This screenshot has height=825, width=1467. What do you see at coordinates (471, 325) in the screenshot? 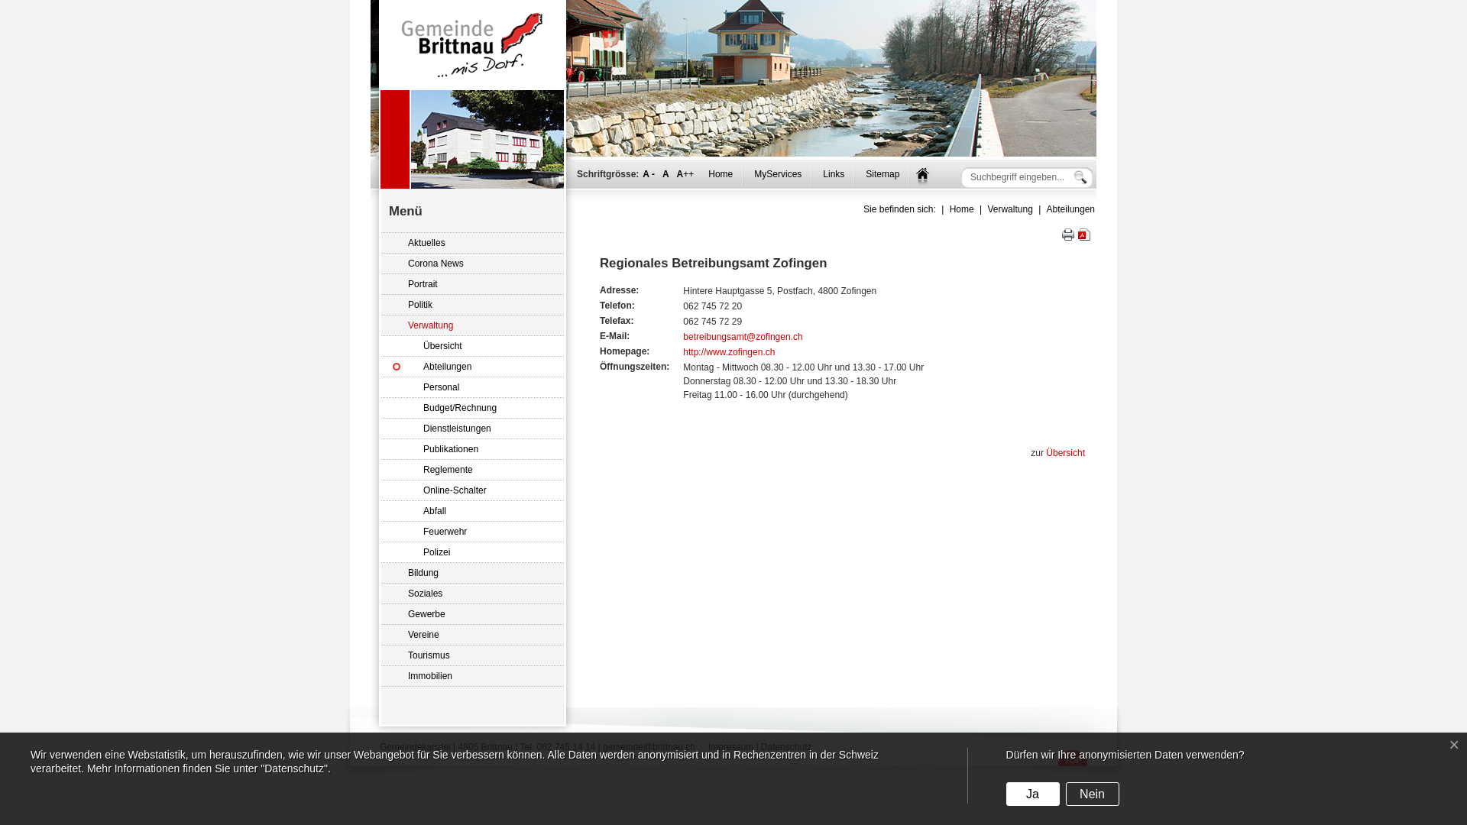
I see `'Verwaltung'` at bounding box center [471, 325].